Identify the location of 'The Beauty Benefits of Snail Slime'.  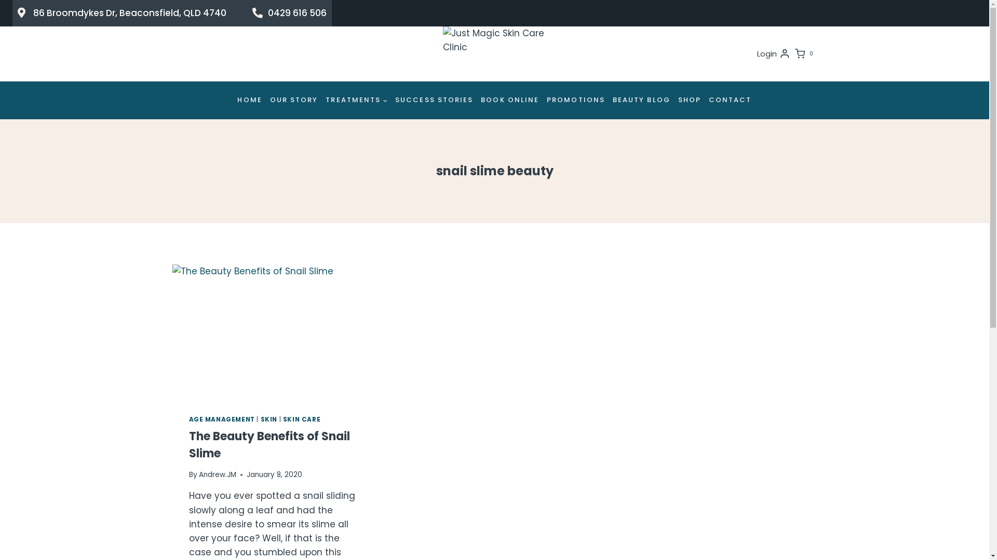
(269, 444).